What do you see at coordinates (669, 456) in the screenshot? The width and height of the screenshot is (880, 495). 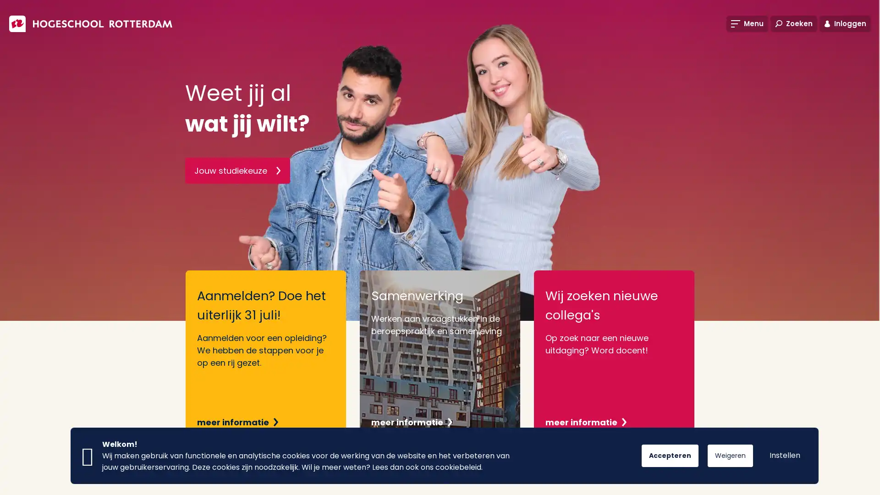 I see `Accepteren` at bounding box center [669, 456].